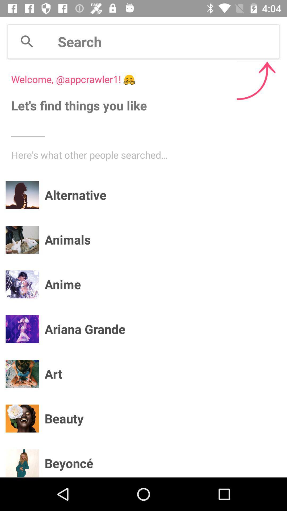  I want to click on initiate search, so click(168, 41).